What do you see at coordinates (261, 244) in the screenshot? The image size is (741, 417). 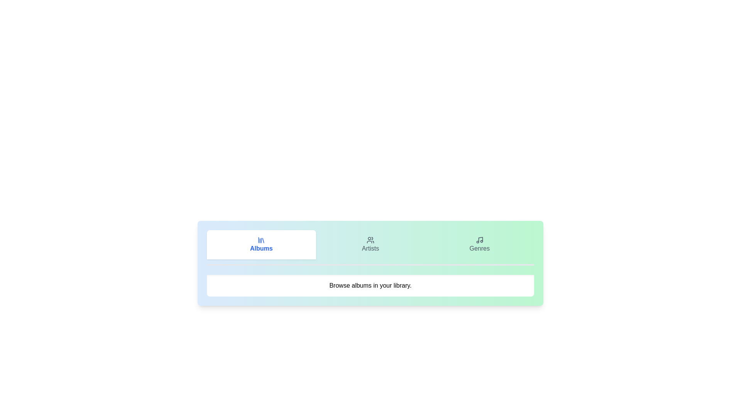 I see `the Albums tab by clicking on its button` at bounding box center [261, 244].